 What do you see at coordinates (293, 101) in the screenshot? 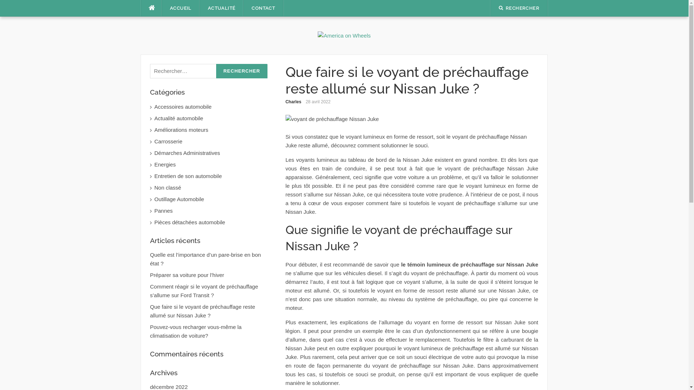
I see `'Charles'` at bounding box center [293, 101].